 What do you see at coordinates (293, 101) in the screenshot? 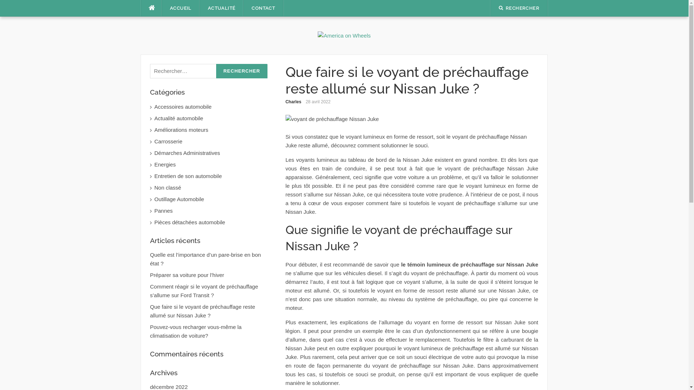
I see `'Charles'` at bounding box center [293, 101].